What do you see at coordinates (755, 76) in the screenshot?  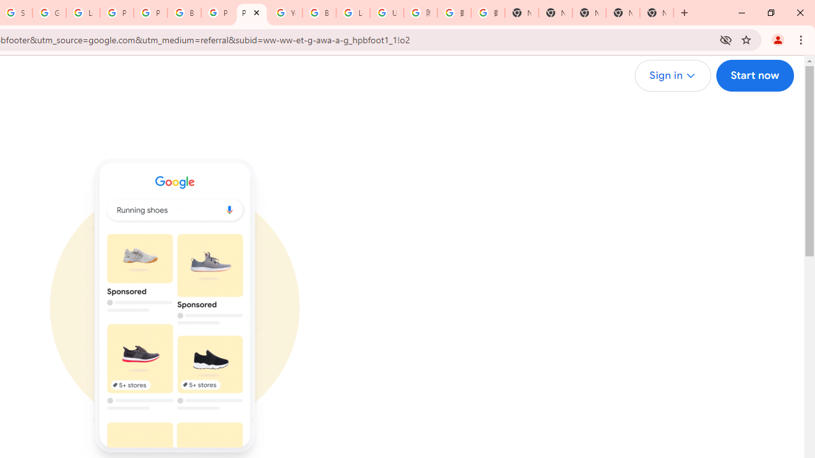 I see `'Start now'` at bounding box center [755, 76].